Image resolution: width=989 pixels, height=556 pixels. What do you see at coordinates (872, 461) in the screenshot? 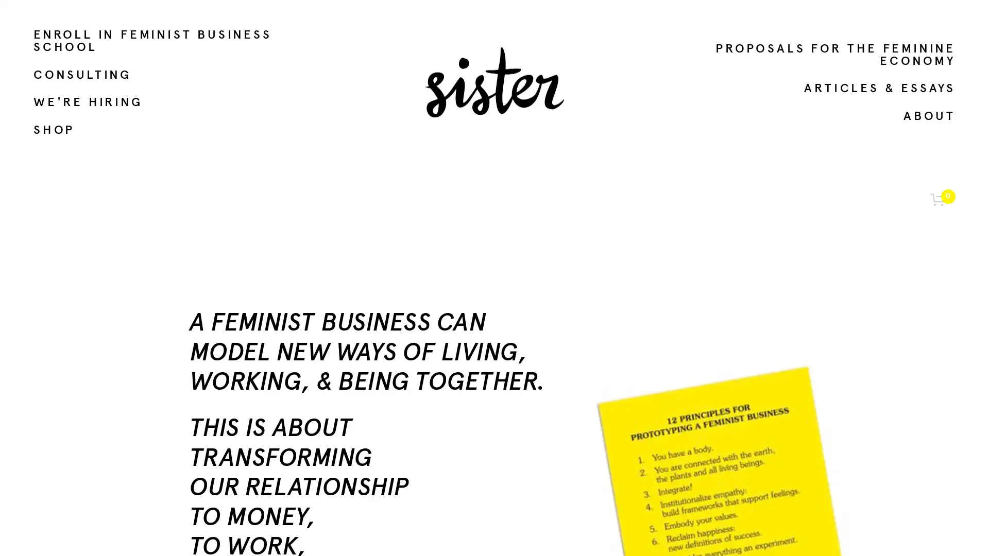
I see `YES` at bounding box center [872, 461].